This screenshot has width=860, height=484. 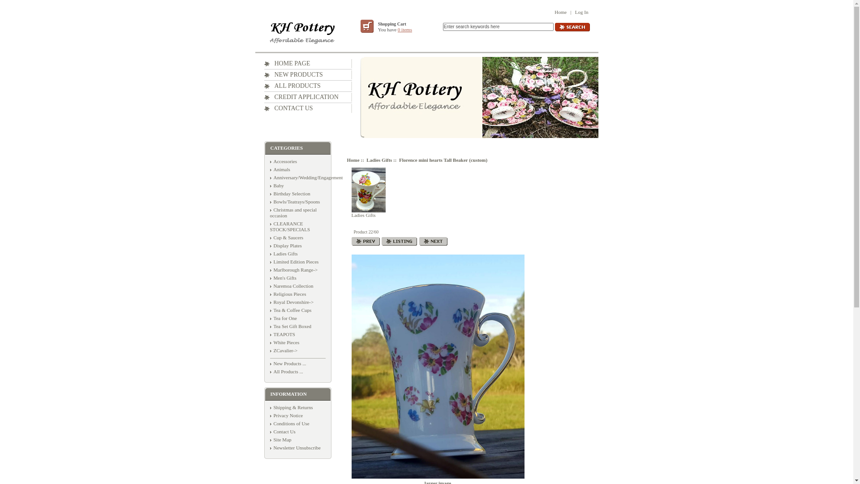 What do you see at coordinates (286, 237) in the screenshot?
I see `'Cup & Saucers'` at bounding box center [286, 237].